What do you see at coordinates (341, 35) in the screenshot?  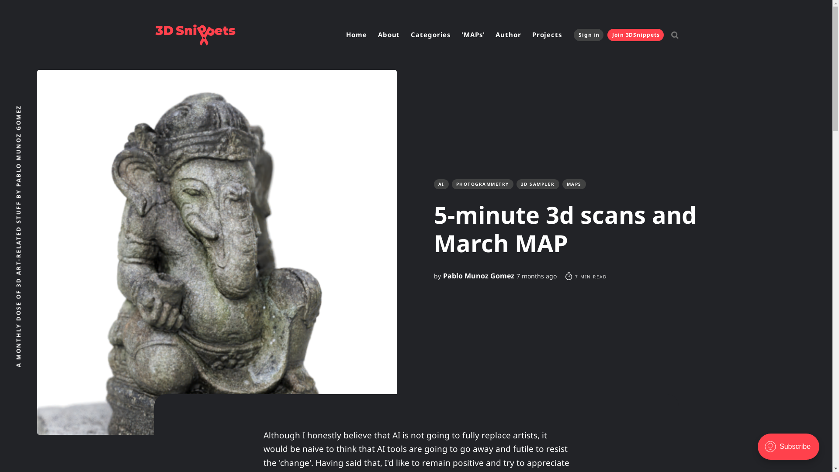 I see `'Home'` at bounding box center [341, 35].